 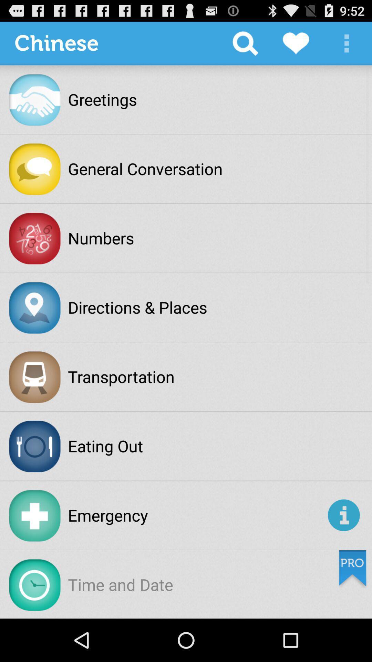 What do you see at coordinates (137, 307) in the screenshot?
I see `the directions & places icon` at bounding box center [137, 307].